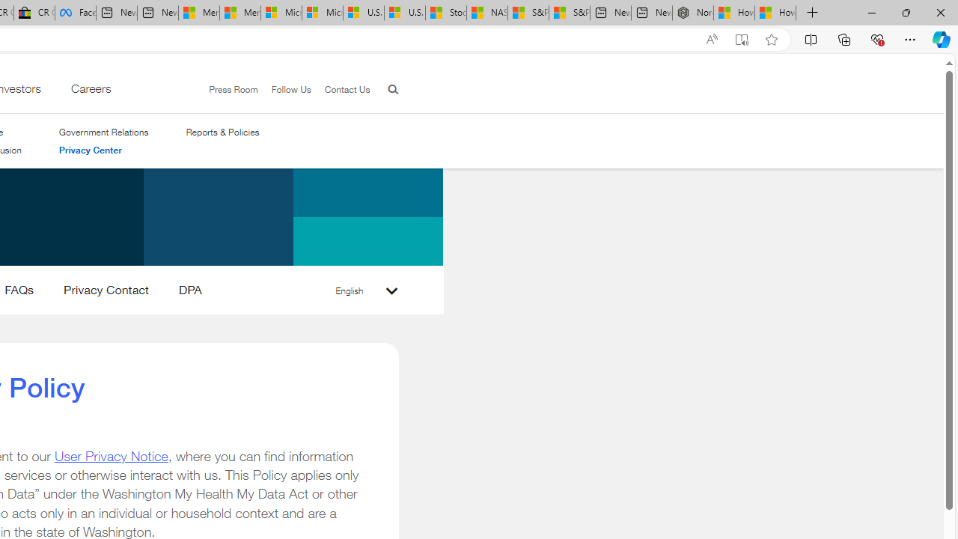  What do you see at coordinates (89, 150) in the screenshot?
I see `'Privacy Center'` at bounding box center [89, 150].